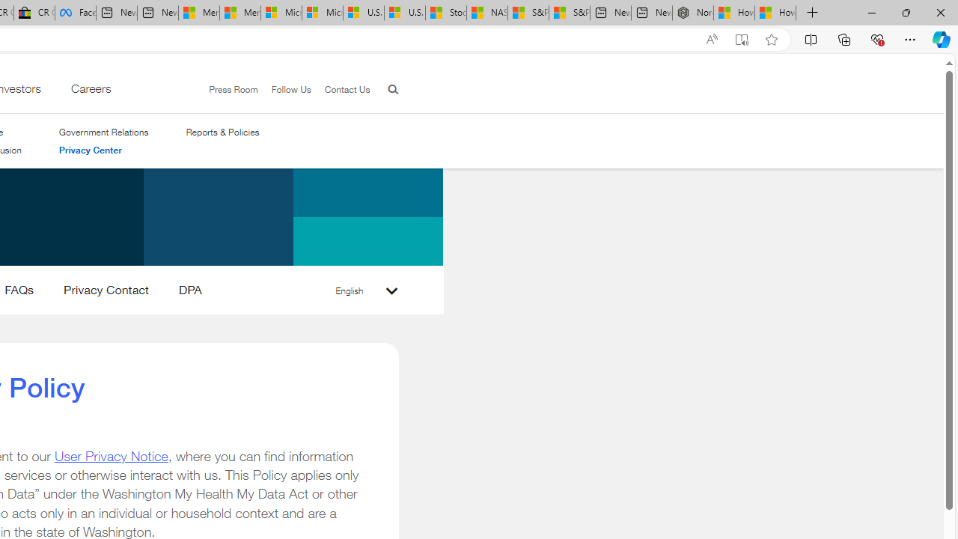  What do you see at coordinates (89, 150) in the screenshot?
I see `'Privacy Center'` at bounding box center [89, 150].